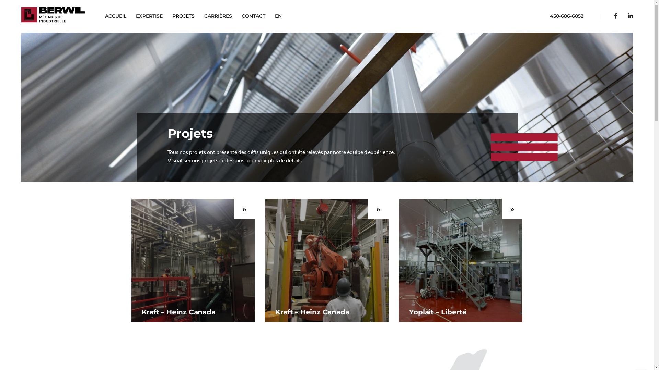 Image resolution: width=659 pixels, height=370 pixels. What do you see at coordinates (616, 16) in the screenshot?
I see `'Facebook'` at bounding box center [616, 16].